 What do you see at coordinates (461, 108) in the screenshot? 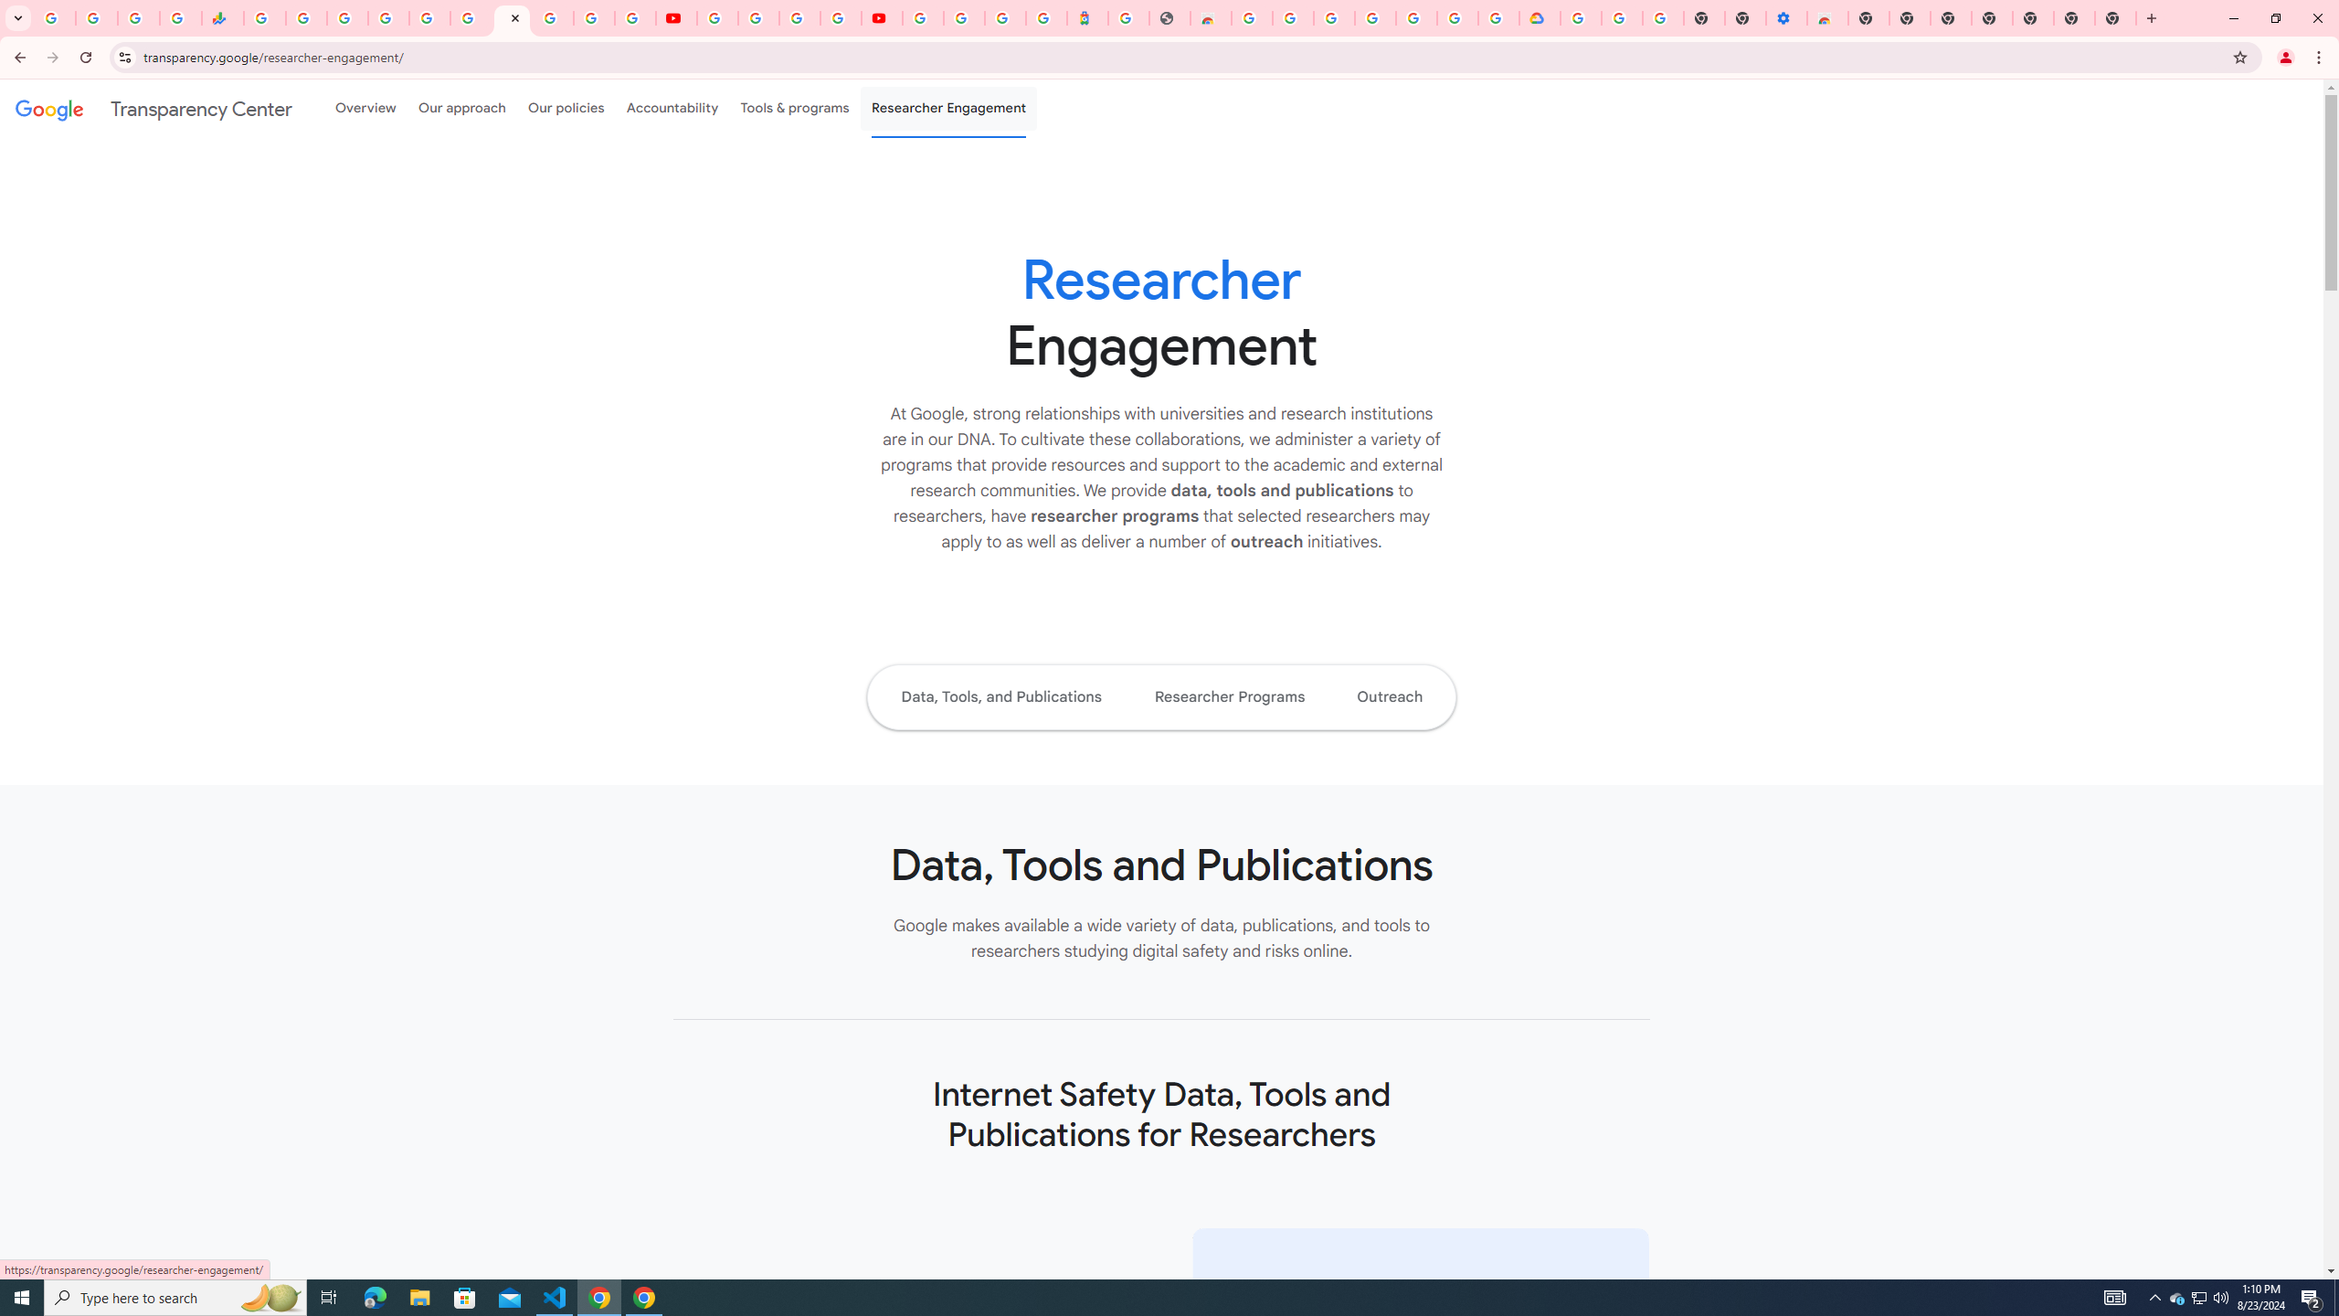
I see `'Our approach'` at bounding box center [461, 108].